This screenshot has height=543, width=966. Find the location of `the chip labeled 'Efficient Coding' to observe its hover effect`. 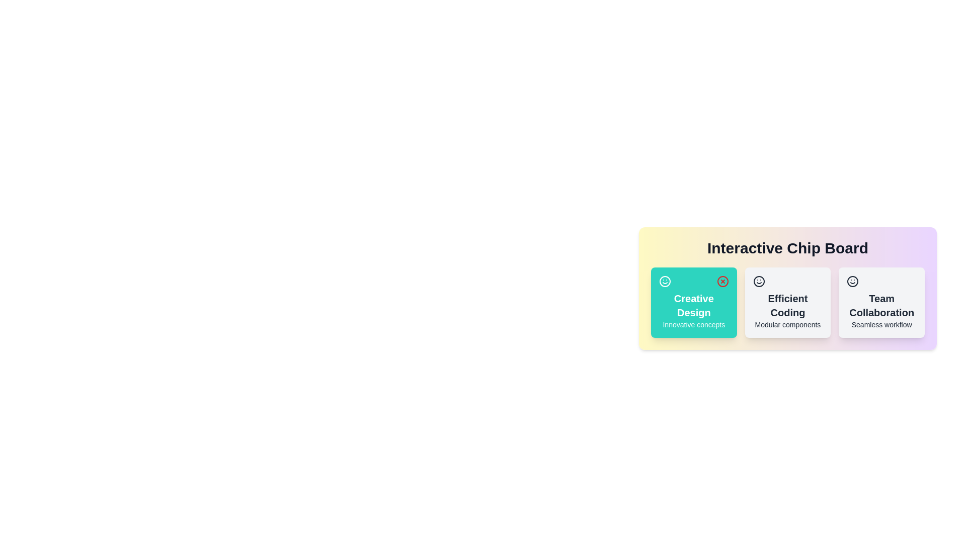

the chip labeled 'Efficient Coding' to observe its hover effect is located at coordinates (787, 302).